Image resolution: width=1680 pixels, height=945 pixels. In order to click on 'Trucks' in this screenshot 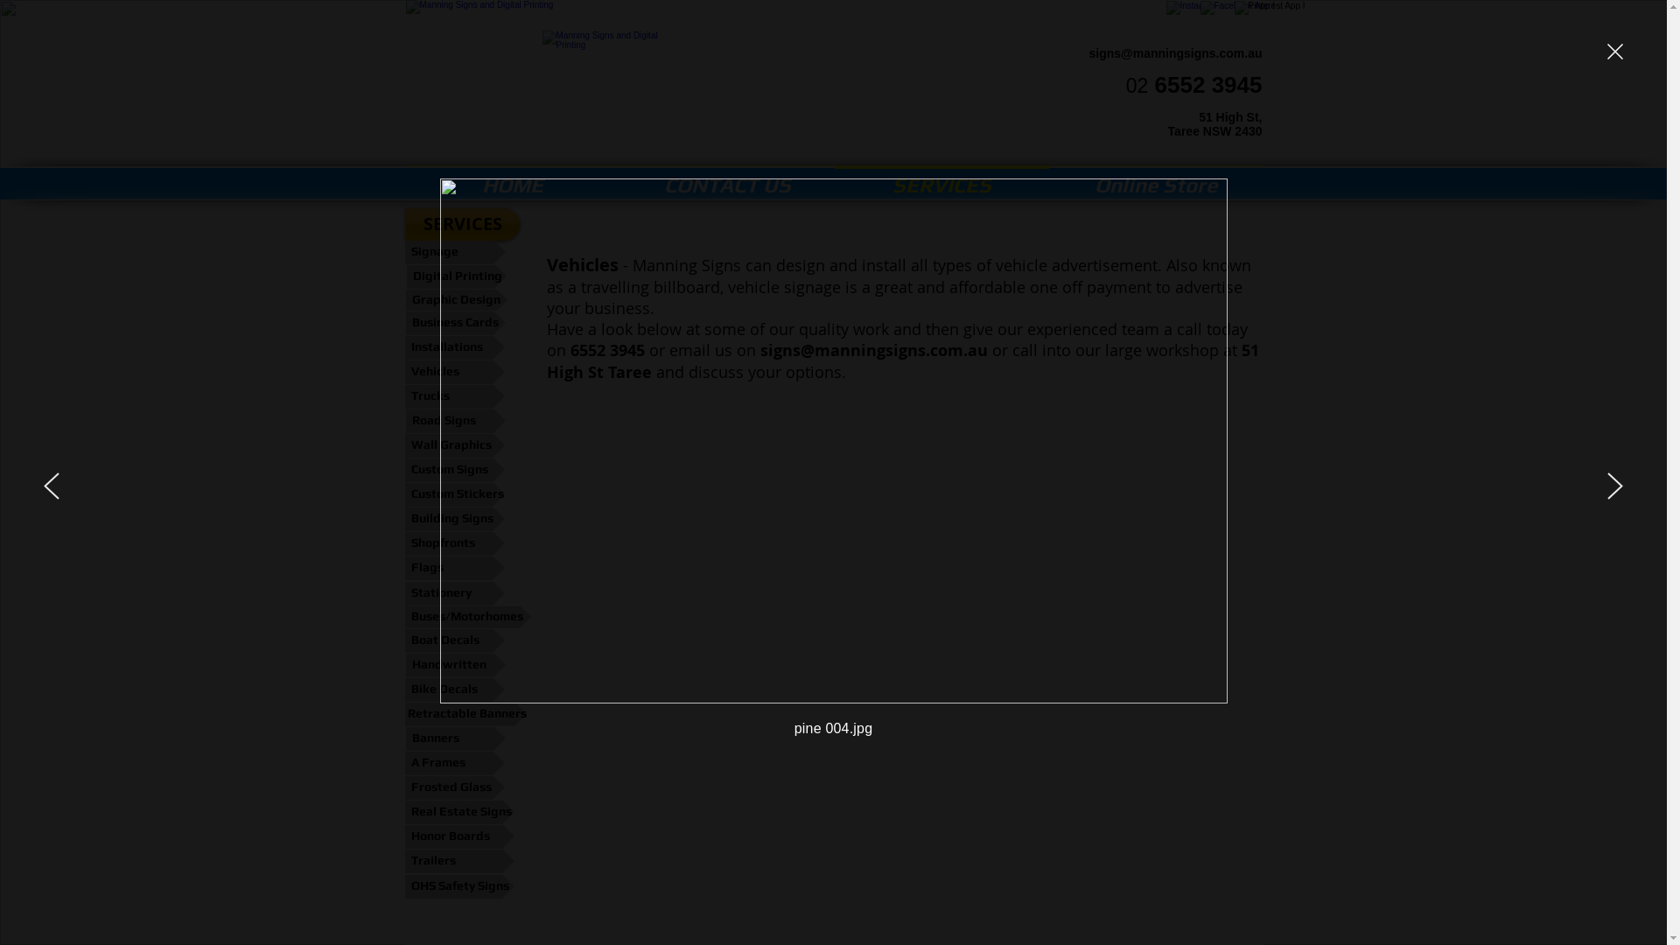, I will do `click(402, 396)`.